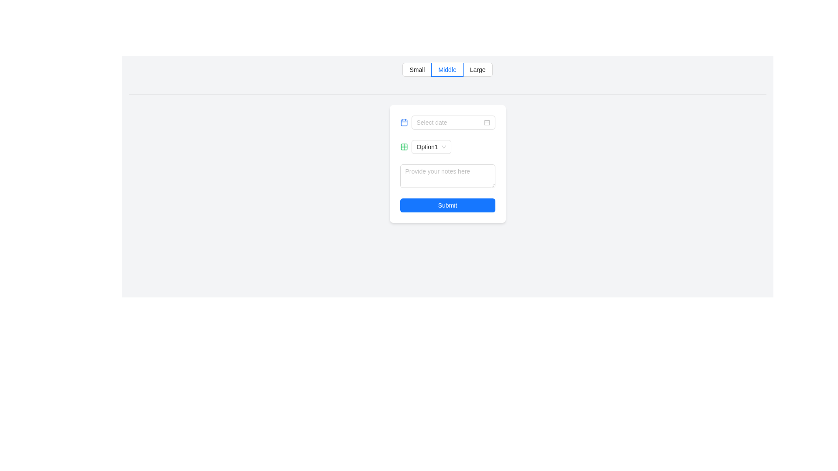 The width and height of the screenshot is (838, 471). Describe the element at coordinates (403, 146) in the screenshot. I see `the green-bordered square cell in the second row and first column of the table layout` at that location.